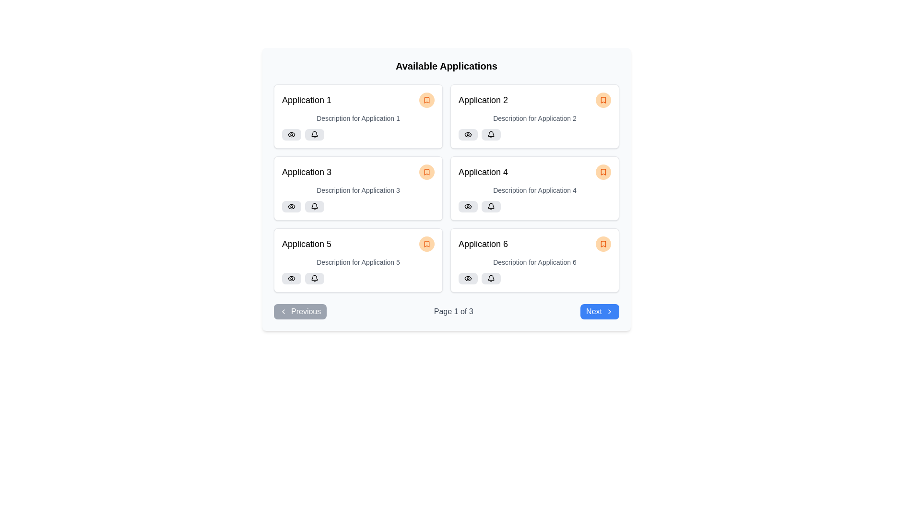 The height and width of the screenshot is (518, 921). Describe the element at coordinates (315, 135) in the screenshot. I see `the bell-shaped notification icon with a gray background located as the second icon below 'Application 1'` at that location.